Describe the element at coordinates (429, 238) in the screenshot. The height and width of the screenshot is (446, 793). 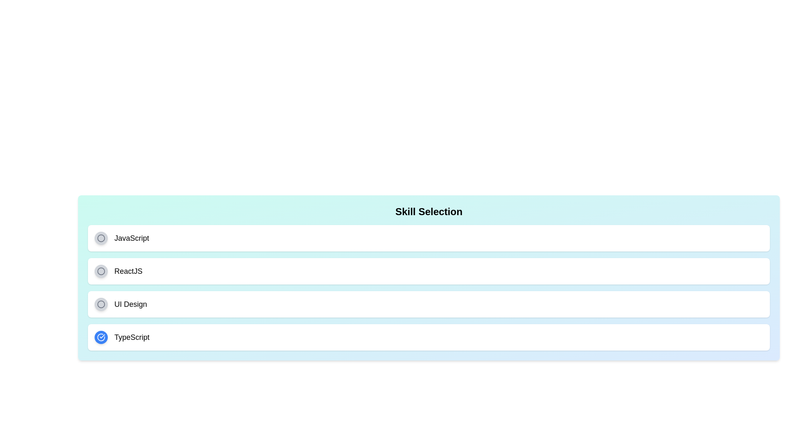
I see `the skill item JavaScript` at that location.